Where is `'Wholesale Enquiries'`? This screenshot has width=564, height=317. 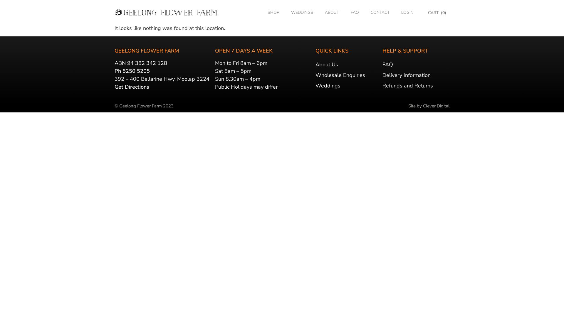 'Wholesale Enquiries' is located at coordinates (347, 75).